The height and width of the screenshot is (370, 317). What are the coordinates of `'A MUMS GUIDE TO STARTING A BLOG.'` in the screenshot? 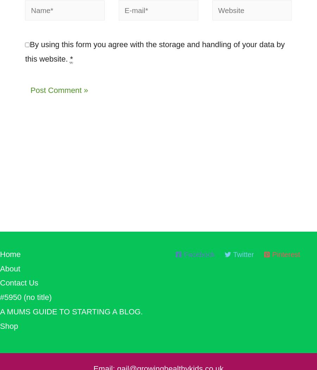 It's located at (0, 315).